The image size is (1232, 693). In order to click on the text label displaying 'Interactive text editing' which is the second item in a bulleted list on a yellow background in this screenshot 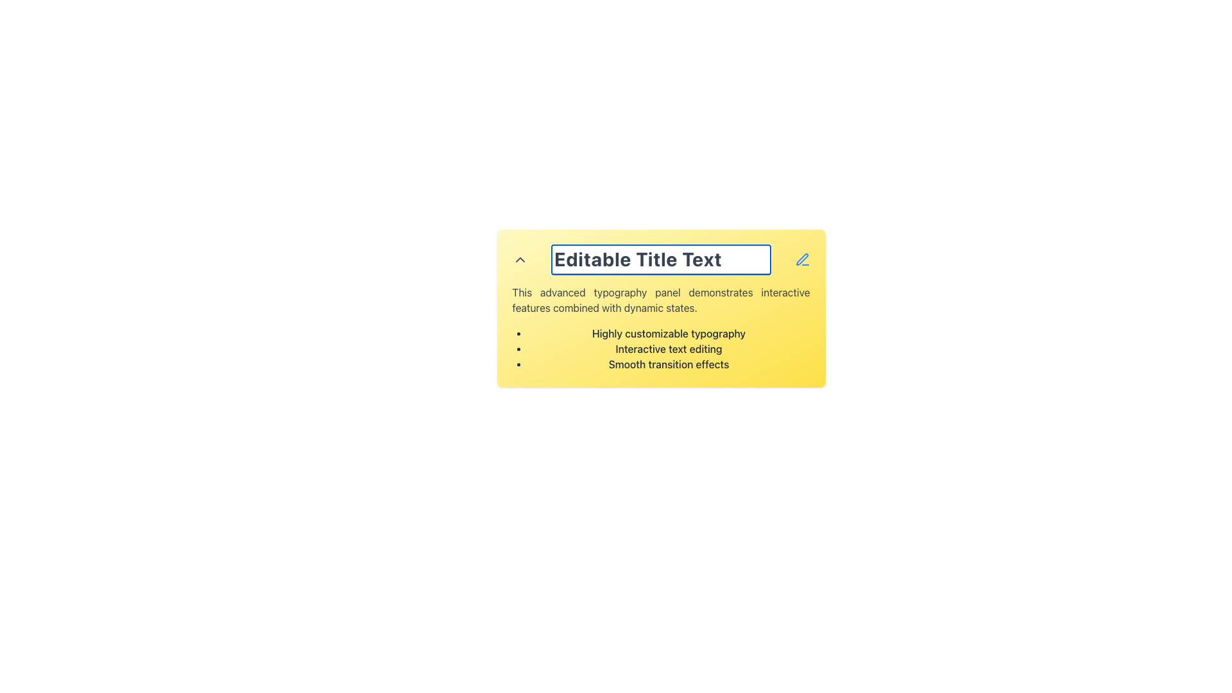, I will do `click(668, 348)`.